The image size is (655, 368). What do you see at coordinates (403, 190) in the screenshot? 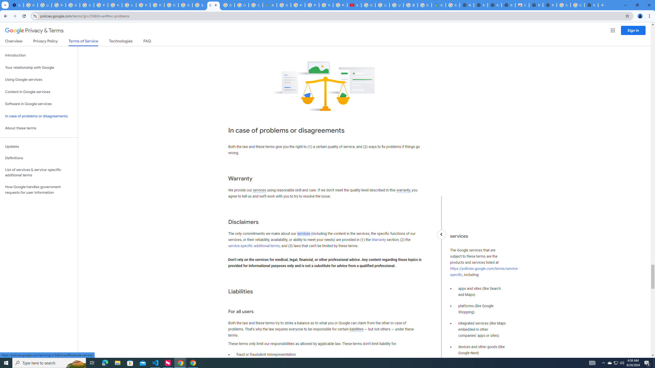
I see `'warranty'` at bounding box center [403, 190].